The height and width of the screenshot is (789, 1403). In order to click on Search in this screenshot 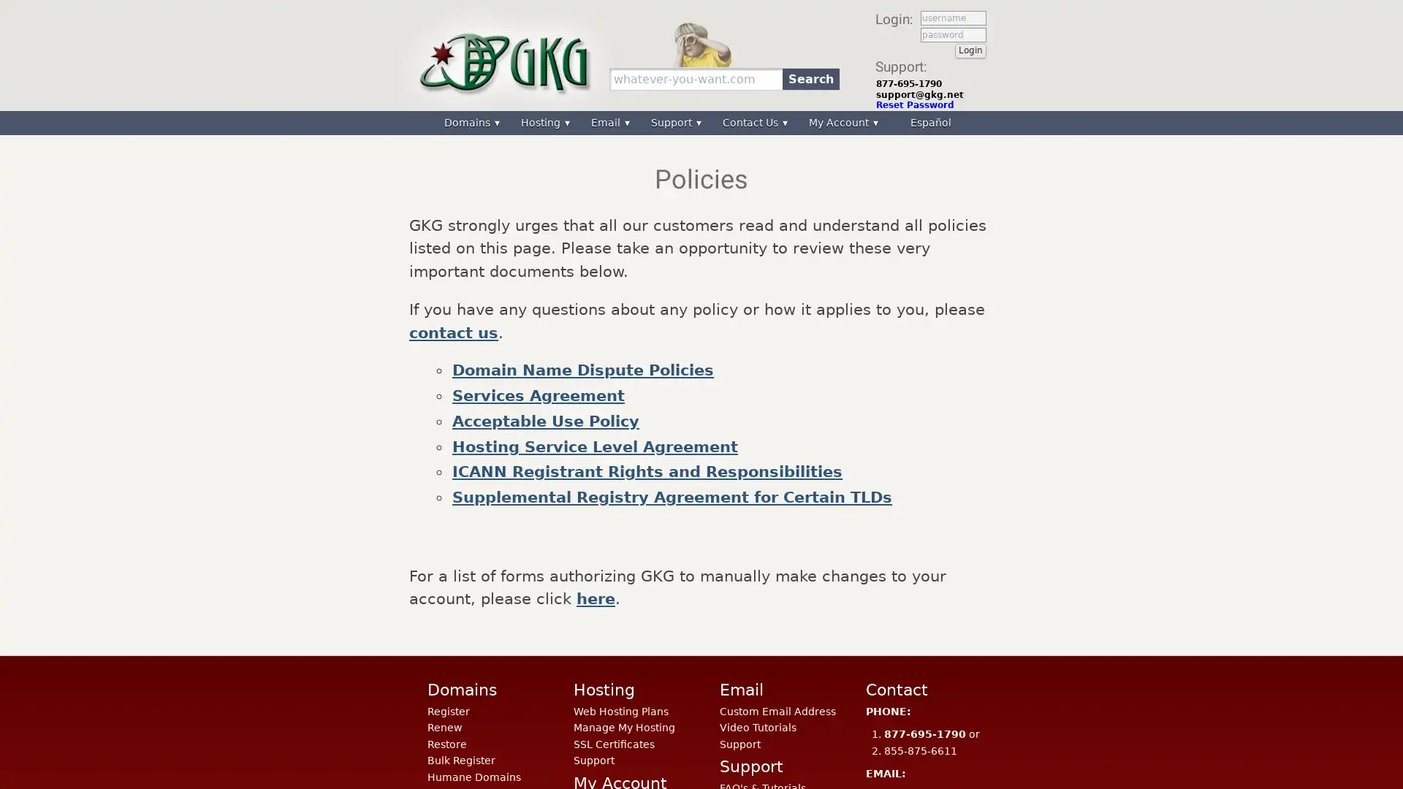, I will do `click(810, 78)`.